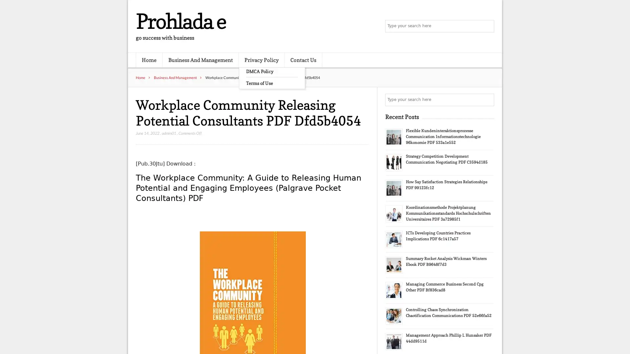 Image resolution: width=630 pixels, height=354 pixels. What do you see at coordinates (487, 26) in the screenshot?
I see `Search` at bounding box center [487, 26].